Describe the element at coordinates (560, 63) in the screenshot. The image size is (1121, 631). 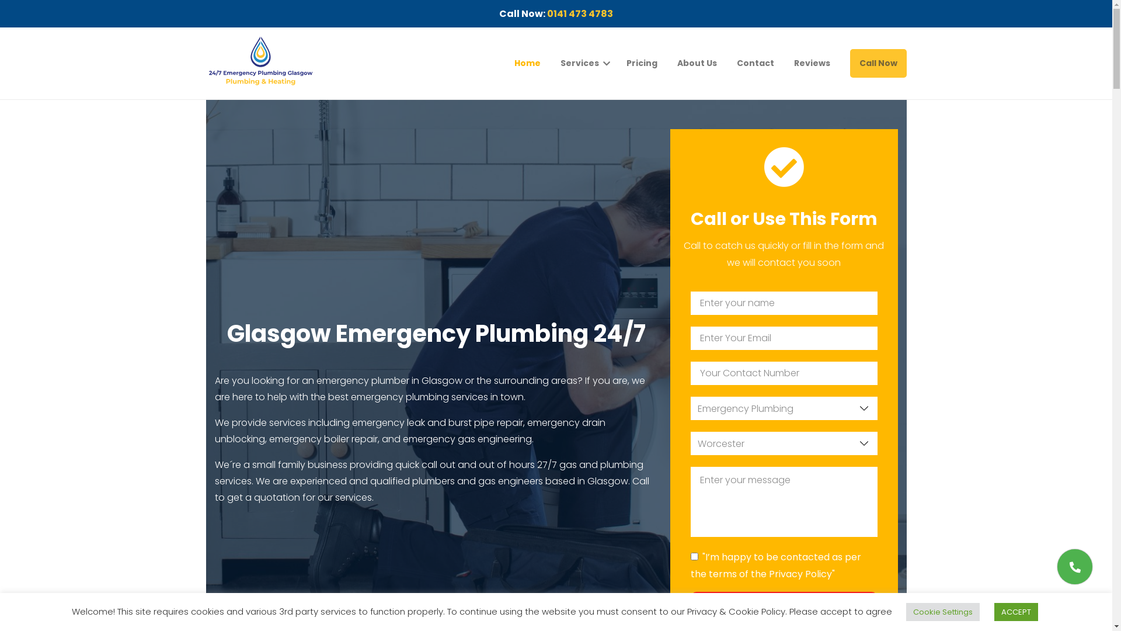
I see `'Services'` at that location.